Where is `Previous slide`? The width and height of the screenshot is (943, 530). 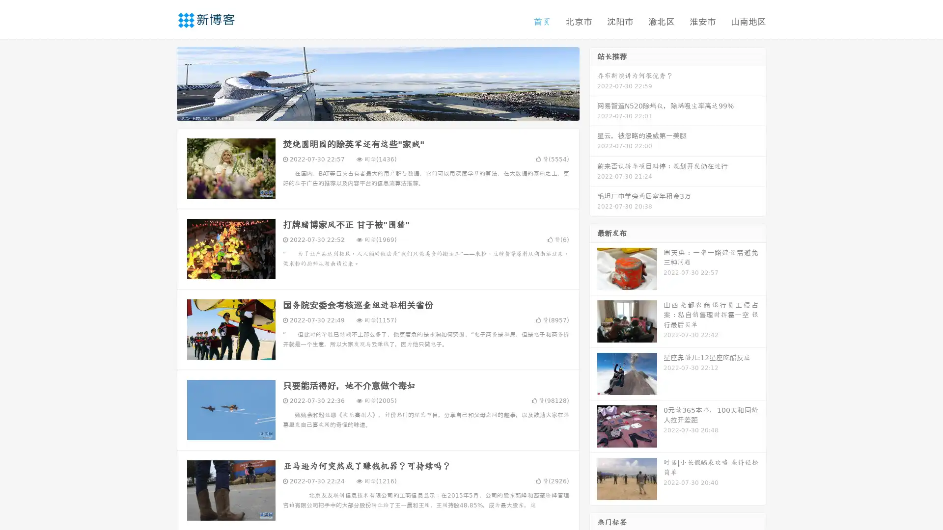
Previous slide is located at coordinates (162, 82).